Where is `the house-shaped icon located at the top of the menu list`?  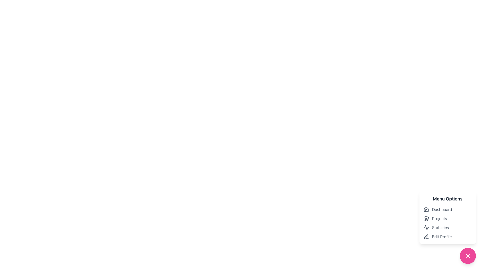 the house-shaped icon located at the top of the menu list is located at coordinates (426, 209).